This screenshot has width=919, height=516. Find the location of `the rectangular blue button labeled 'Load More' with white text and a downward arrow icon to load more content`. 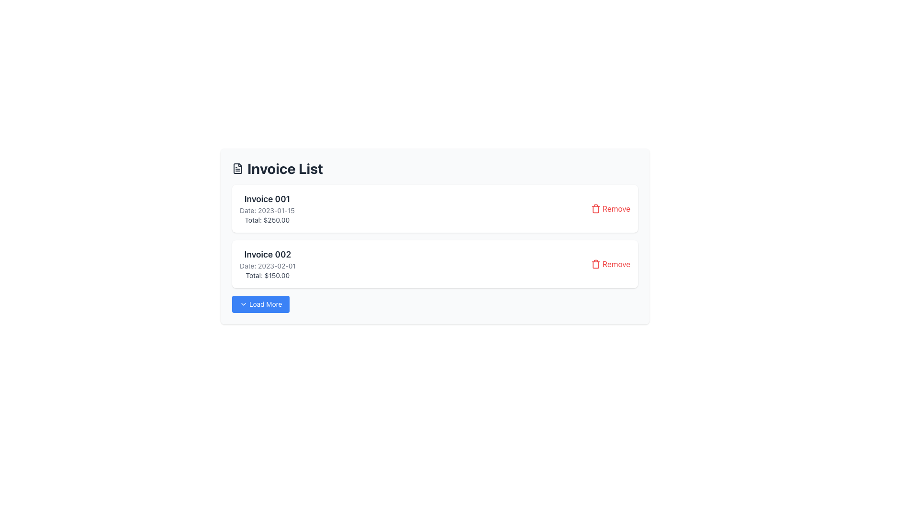

the rectangular blue button labeled 'Load More' with white text and a downward arrow icon to load more content is located at coordinates (261, 304).